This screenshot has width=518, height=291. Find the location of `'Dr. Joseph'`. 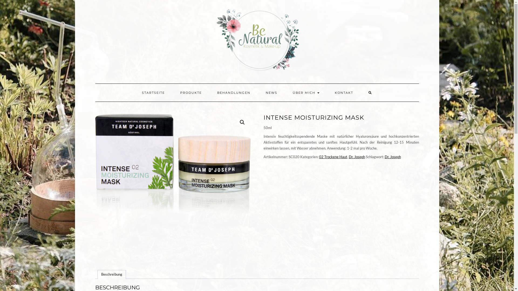

'Dr. Joseph' is located at coordinates (393, 157).